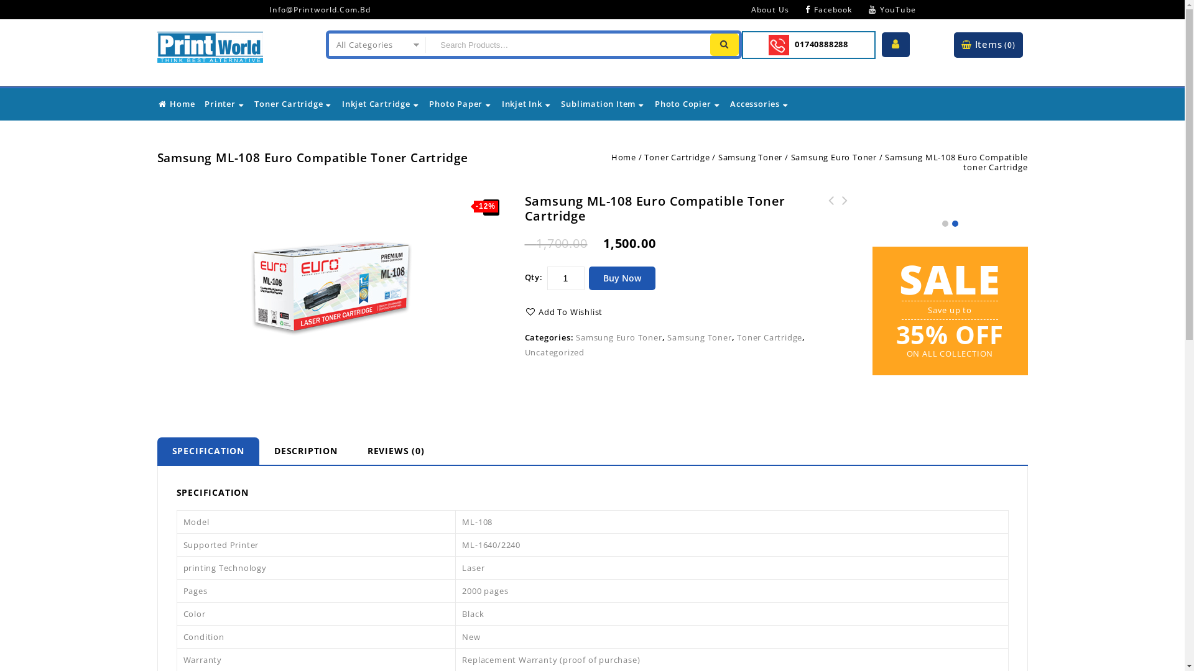  What do you see at coordinates (460, 103) in the screenshot?
I see `'Photo Paper'` at bounding box center [460, 103].